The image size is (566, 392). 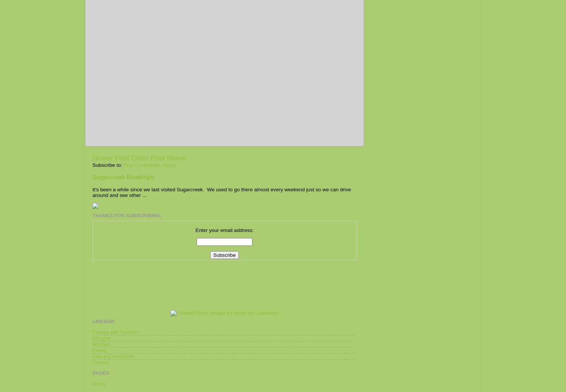 What do you see at coordinates (195, 230) in the screenshot?
I see `'Enter your email address:'` at bounding box center [195, 230].